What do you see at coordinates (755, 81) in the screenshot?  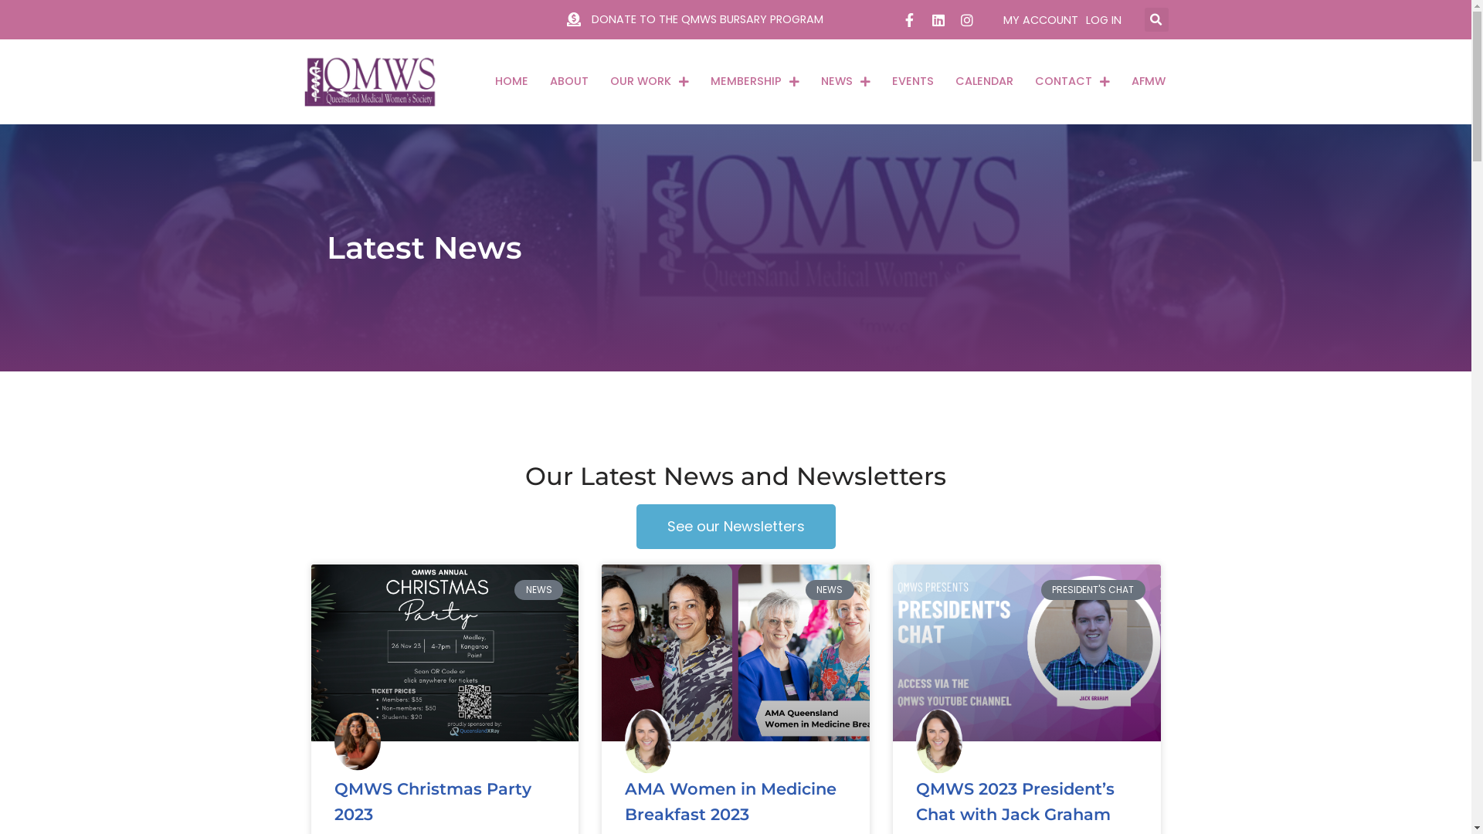 I see `'MEMBERSHIP'` at bounding box center [755, 81].